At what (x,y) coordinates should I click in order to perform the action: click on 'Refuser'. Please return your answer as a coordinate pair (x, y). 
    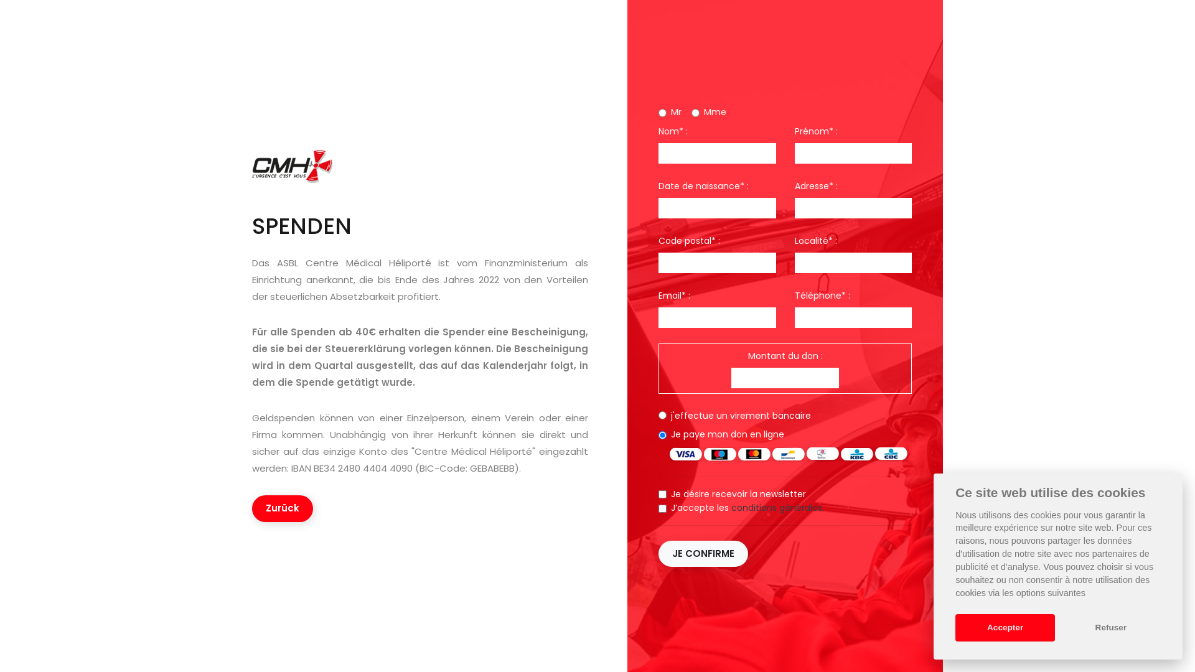
    Looking at the image, I should click on (1060, 628).